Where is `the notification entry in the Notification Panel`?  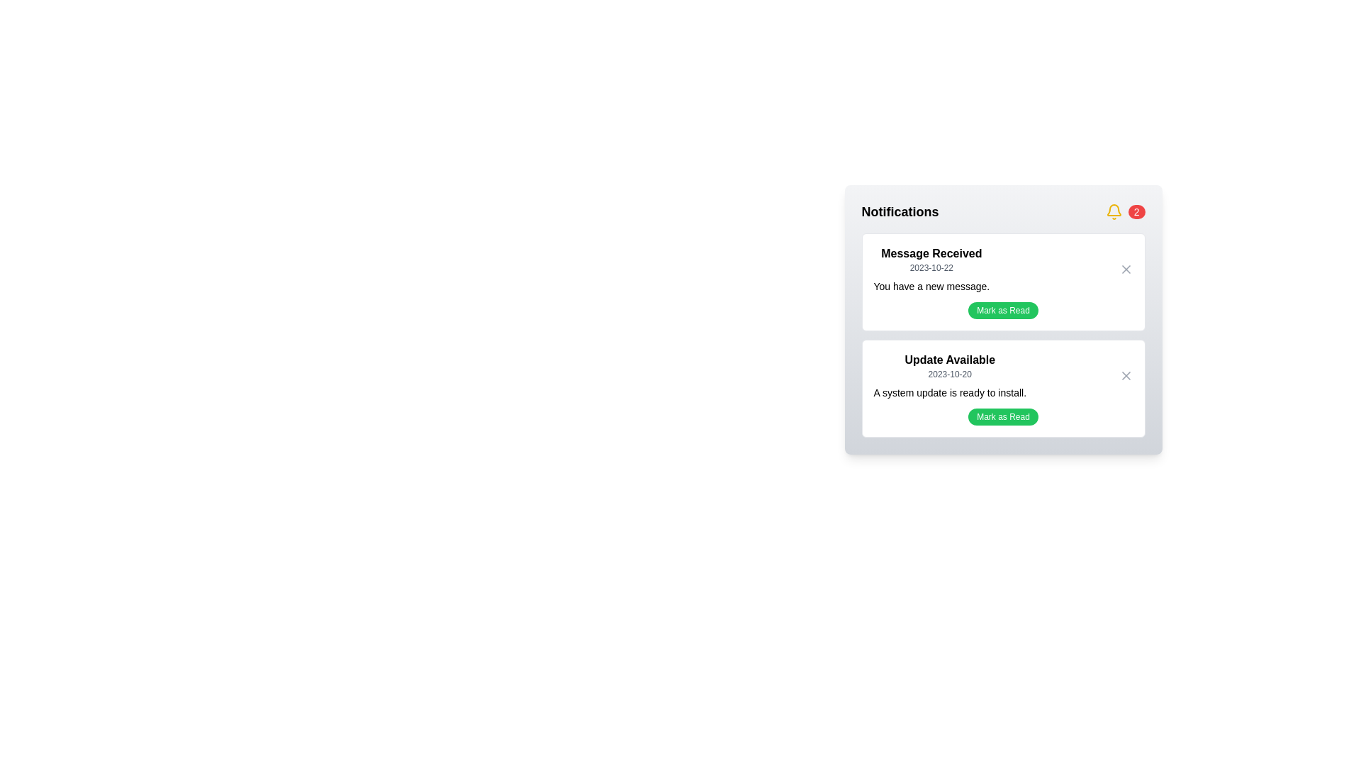 the notification entry in the Notification Panel is located at coordinates (1002, 320).